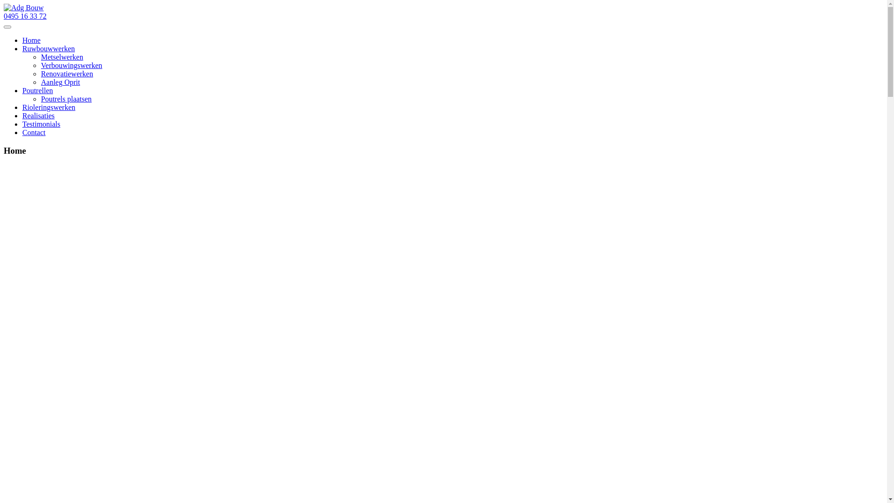 The width and height of the screenshot is (894, 503). What do you see at coordinates (71, 65) in the screenshot?
I see `'Verbouwingswerken'` at bounding box center [71, 65].